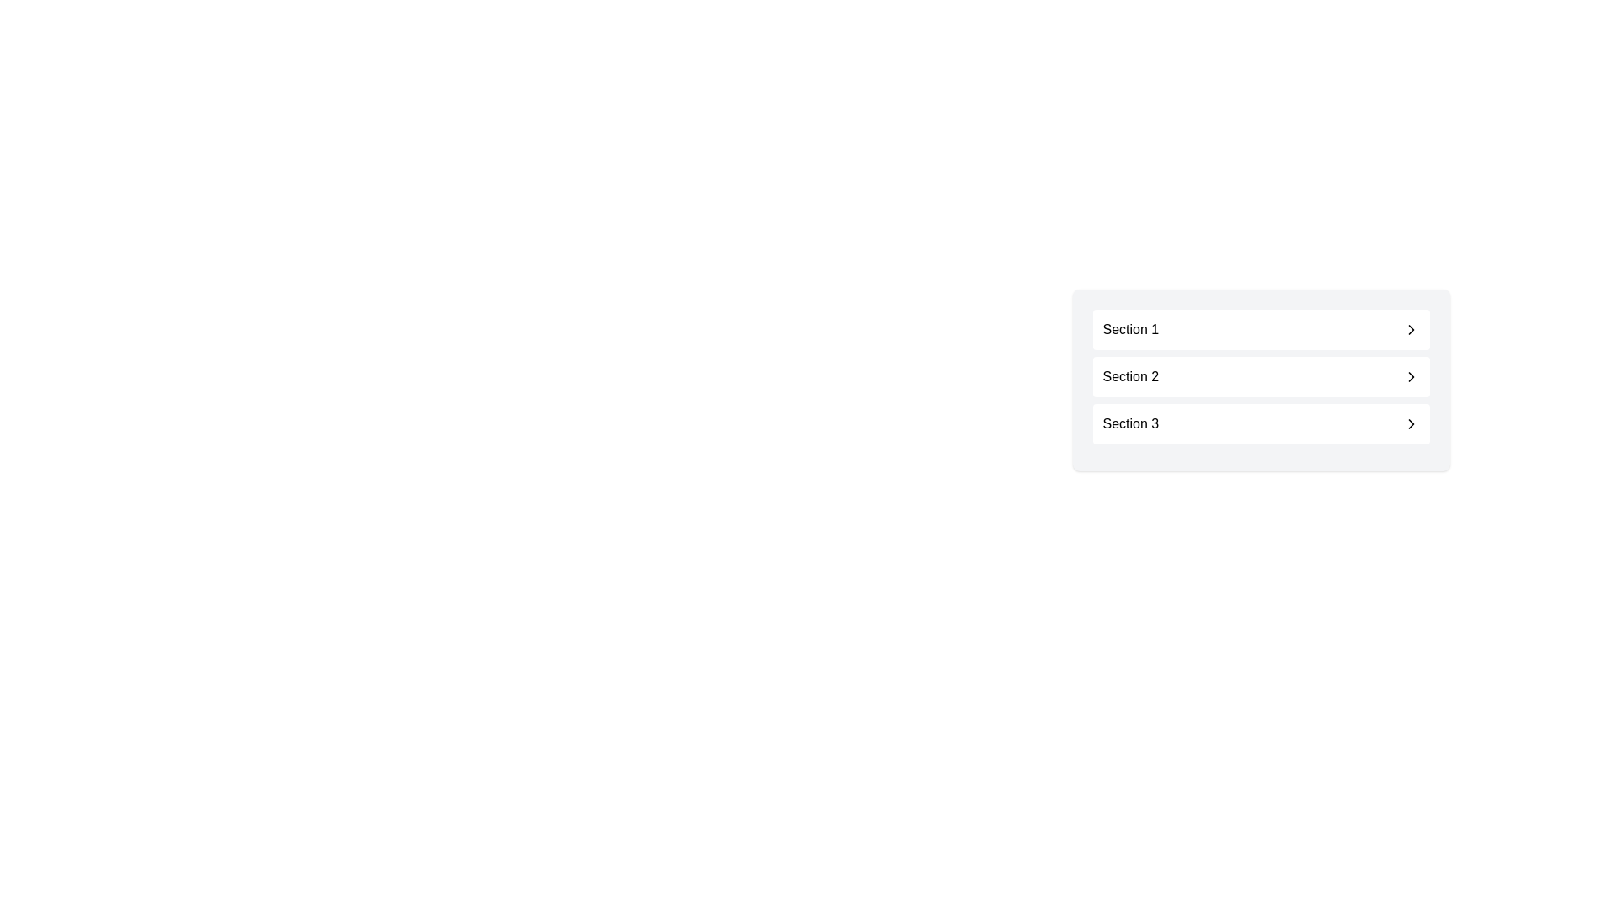  What do you see at coordinates (1130, 375) in the screenshot?
I see `the text label in the second position of the menu list item` at bounding box center [1130, 375].